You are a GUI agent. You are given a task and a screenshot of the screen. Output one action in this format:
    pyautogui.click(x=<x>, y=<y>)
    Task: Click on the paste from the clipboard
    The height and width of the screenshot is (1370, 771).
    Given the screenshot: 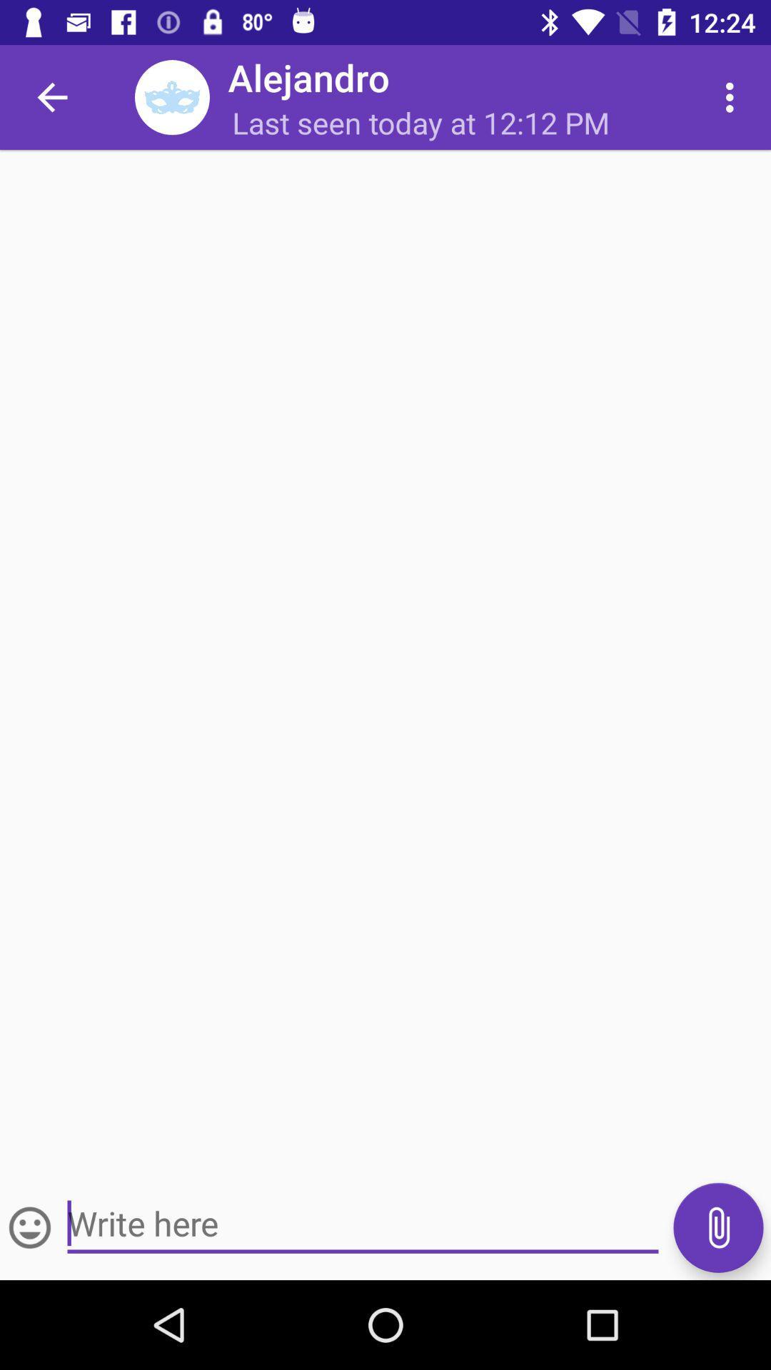 What is the action you would take?
    pyautogui.click(x=718, y=1227)
    